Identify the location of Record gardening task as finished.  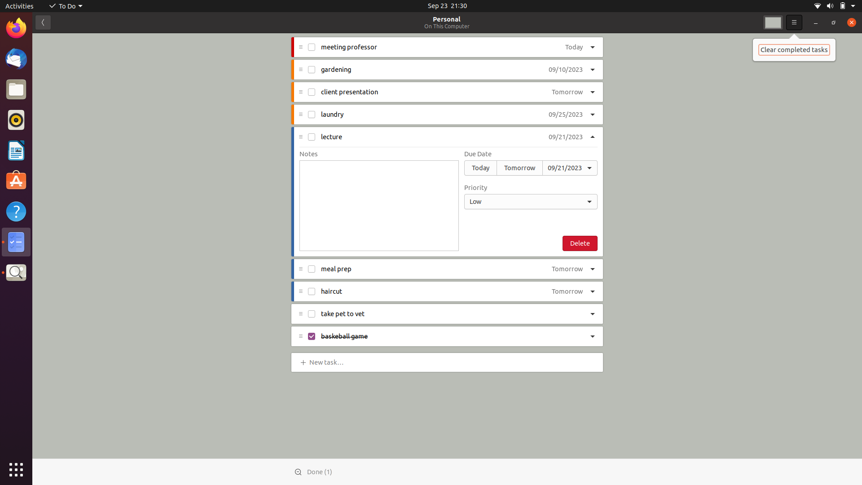
(312, 69).